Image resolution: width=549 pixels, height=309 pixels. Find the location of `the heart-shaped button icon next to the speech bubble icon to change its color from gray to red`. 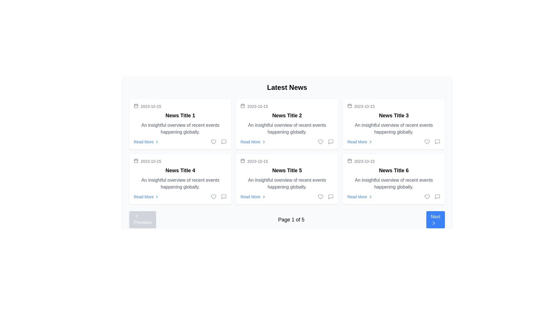

the heart-shaped button icon next to the speech bubble icon to change its color from gray to red is located at coordinates (427, 142).